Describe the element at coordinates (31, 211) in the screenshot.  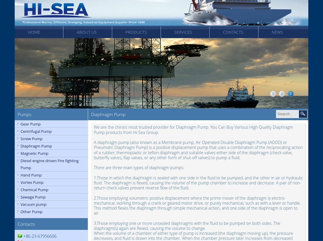
I see `'Other Pump'` at that location.